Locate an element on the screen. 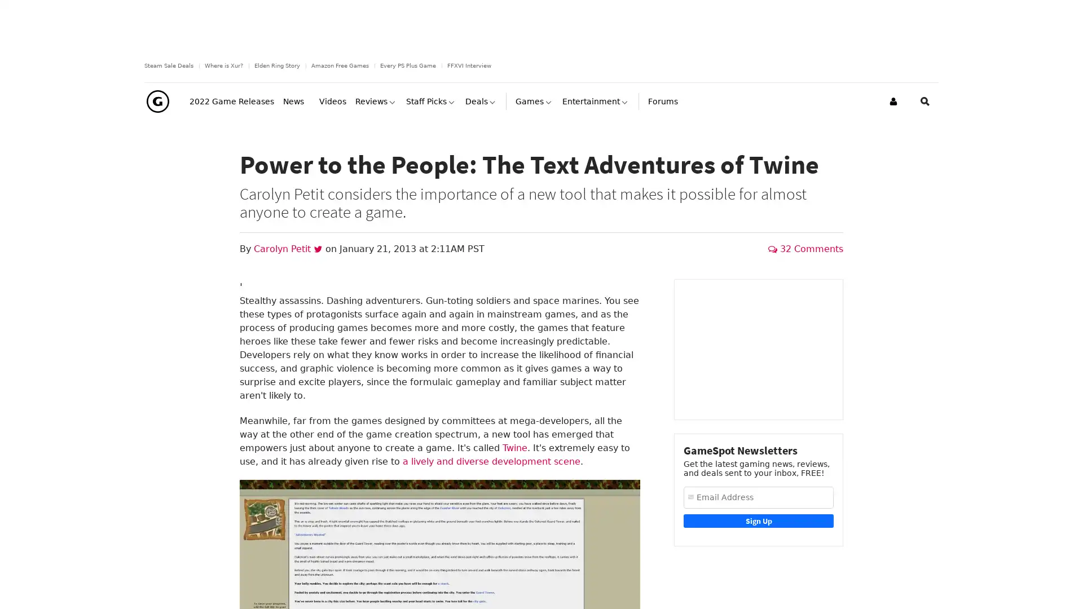  Open Site Search is located at coordinates (925, 123).